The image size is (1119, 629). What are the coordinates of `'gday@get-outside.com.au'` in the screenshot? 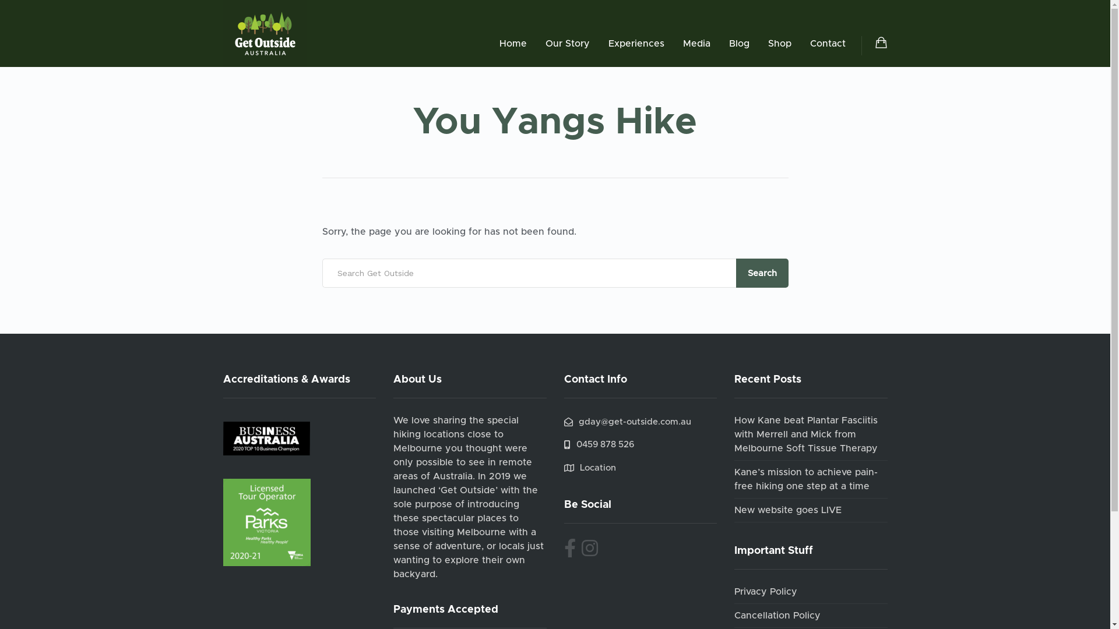 It's located at (564, 422).